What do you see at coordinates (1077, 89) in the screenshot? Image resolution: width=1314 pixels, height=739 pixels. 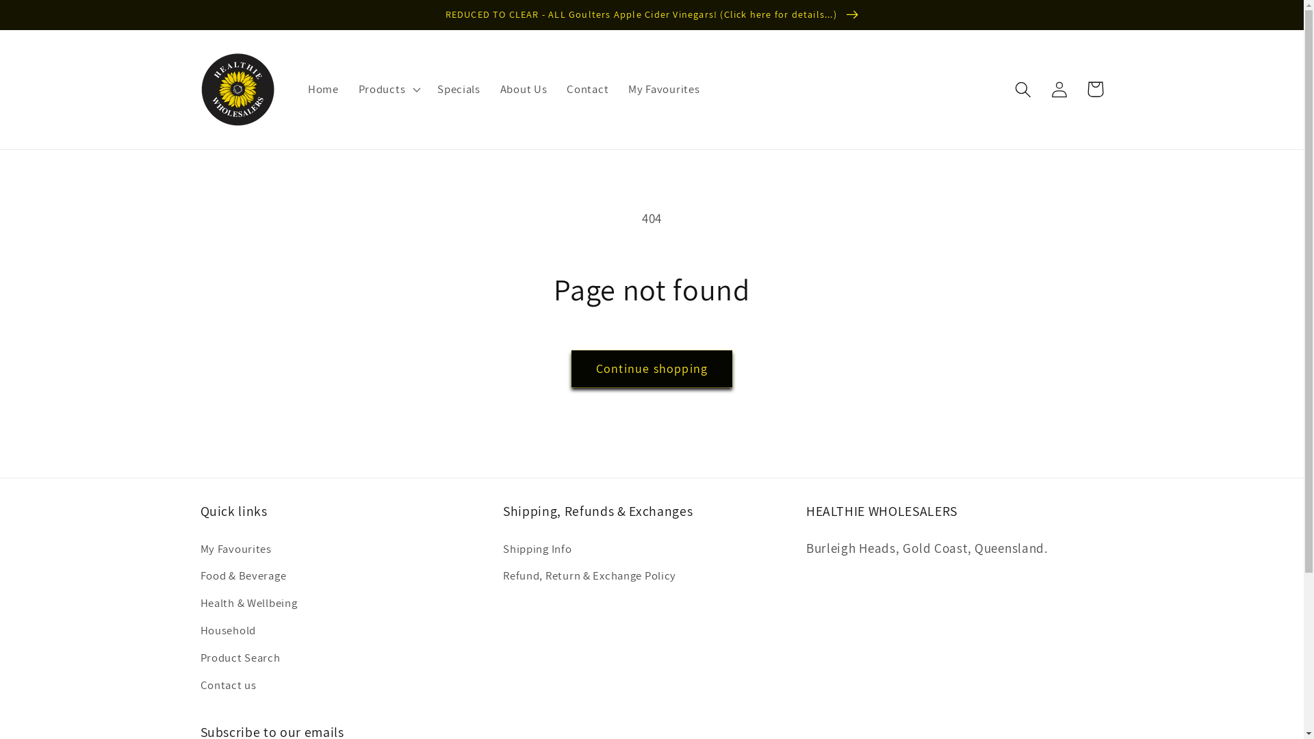 I see `'Cart'` at bounding box center [1077, 89].